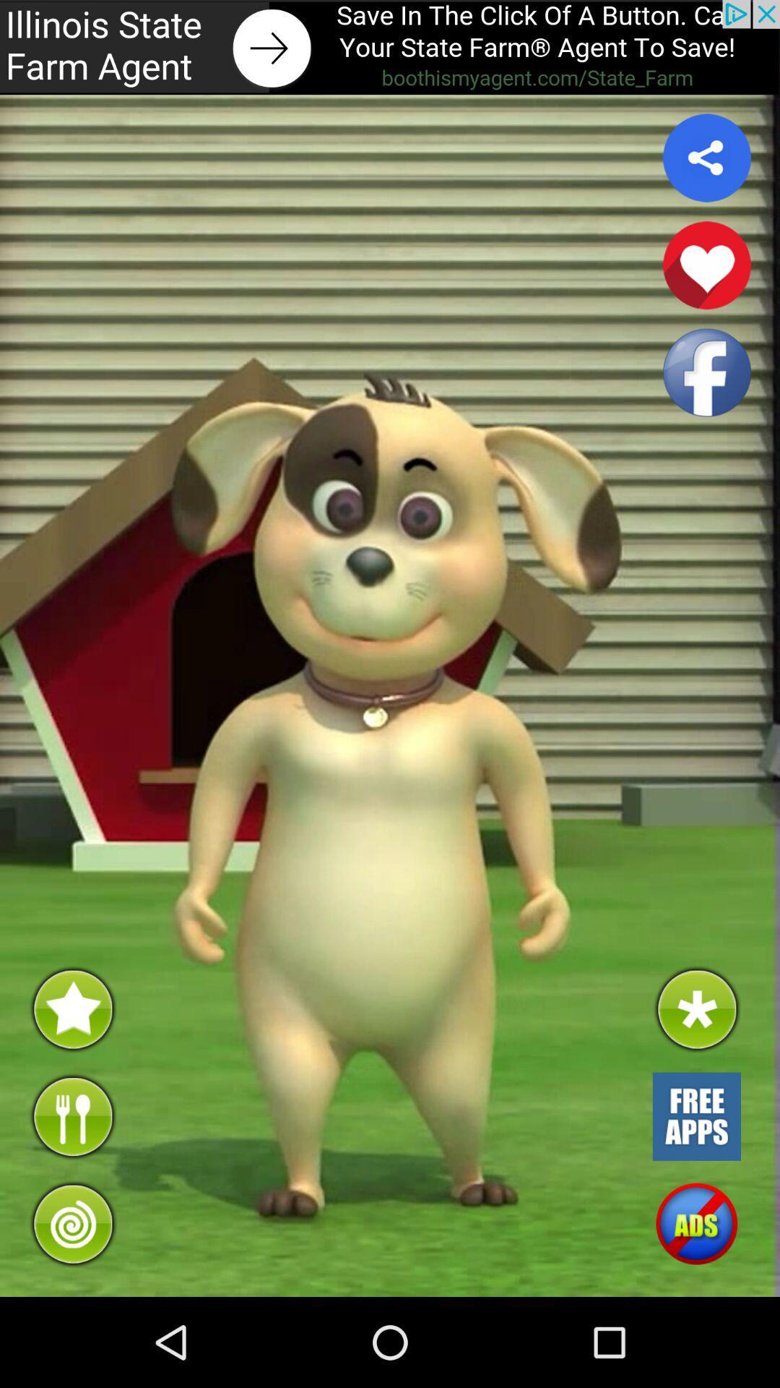  I want to click on advertisement, so click(695, 1223).